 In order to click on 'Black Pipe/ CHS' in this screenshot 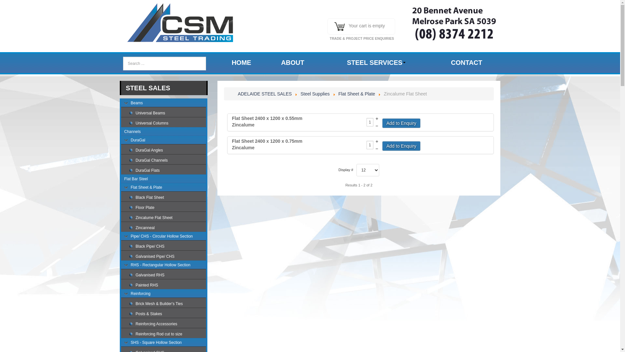, I will do `click(167, 247)`.